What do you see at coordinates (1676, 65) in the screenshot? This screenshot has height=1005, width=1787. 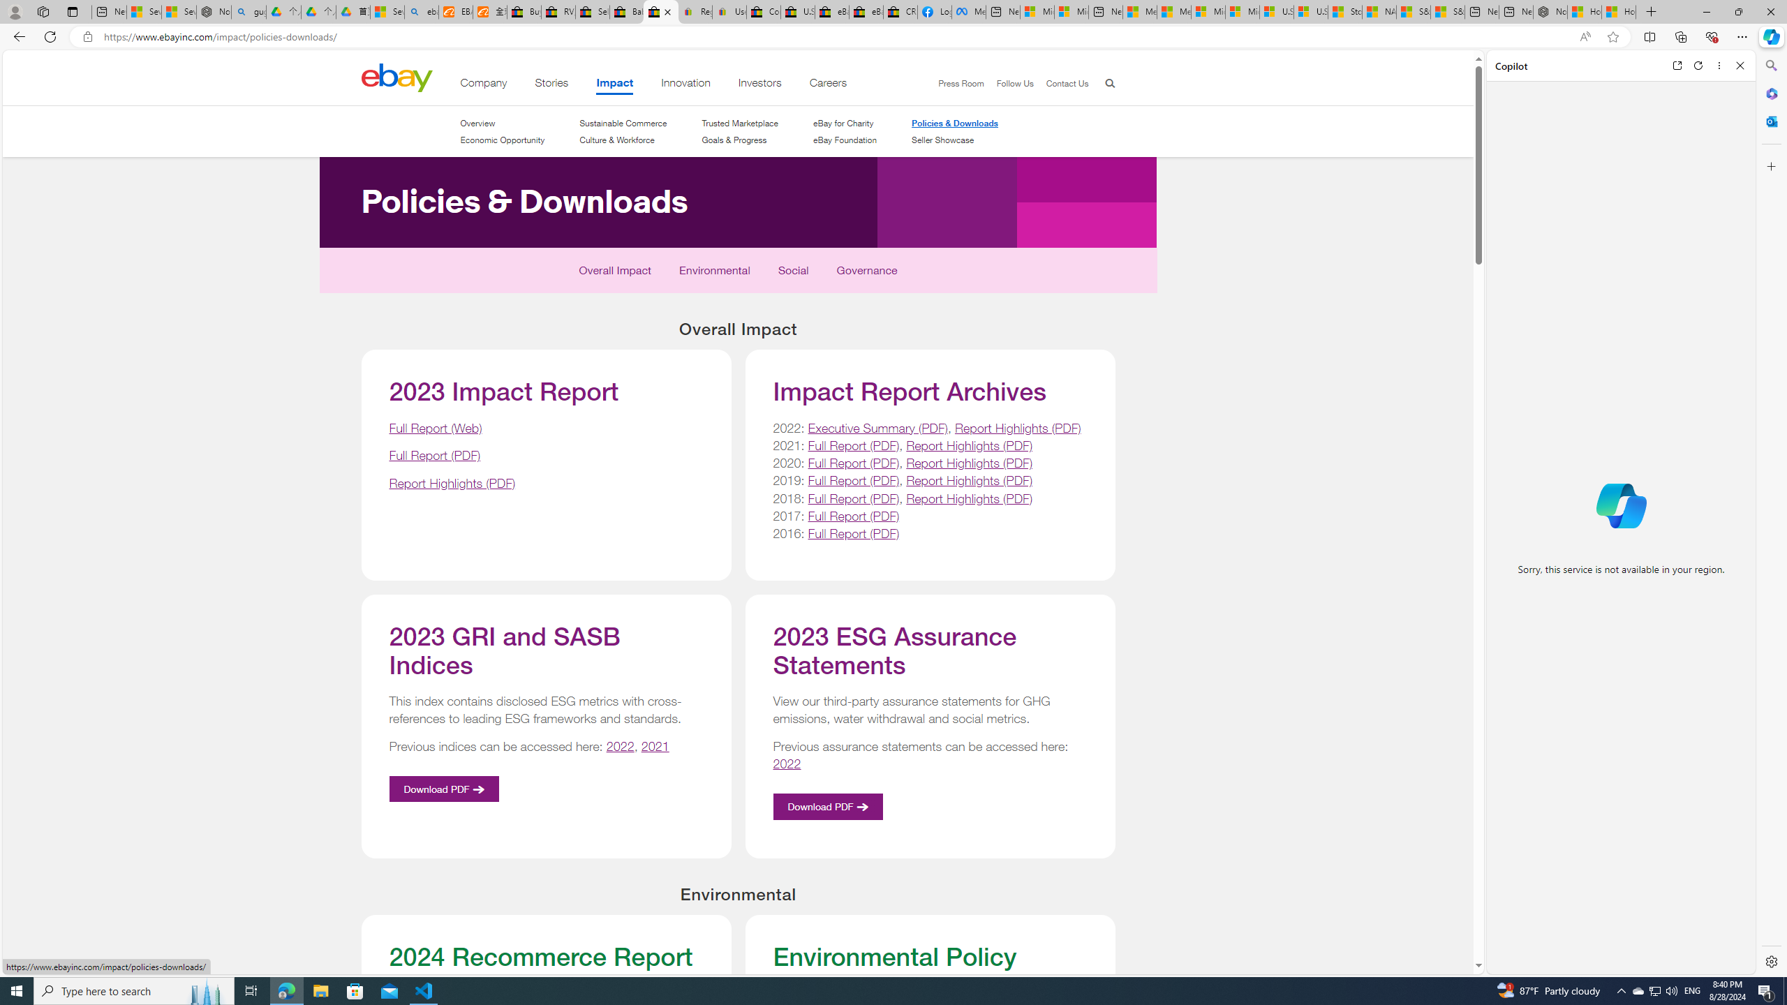 I see `'Open link in new tab'` at bounding box center [1676, 65].